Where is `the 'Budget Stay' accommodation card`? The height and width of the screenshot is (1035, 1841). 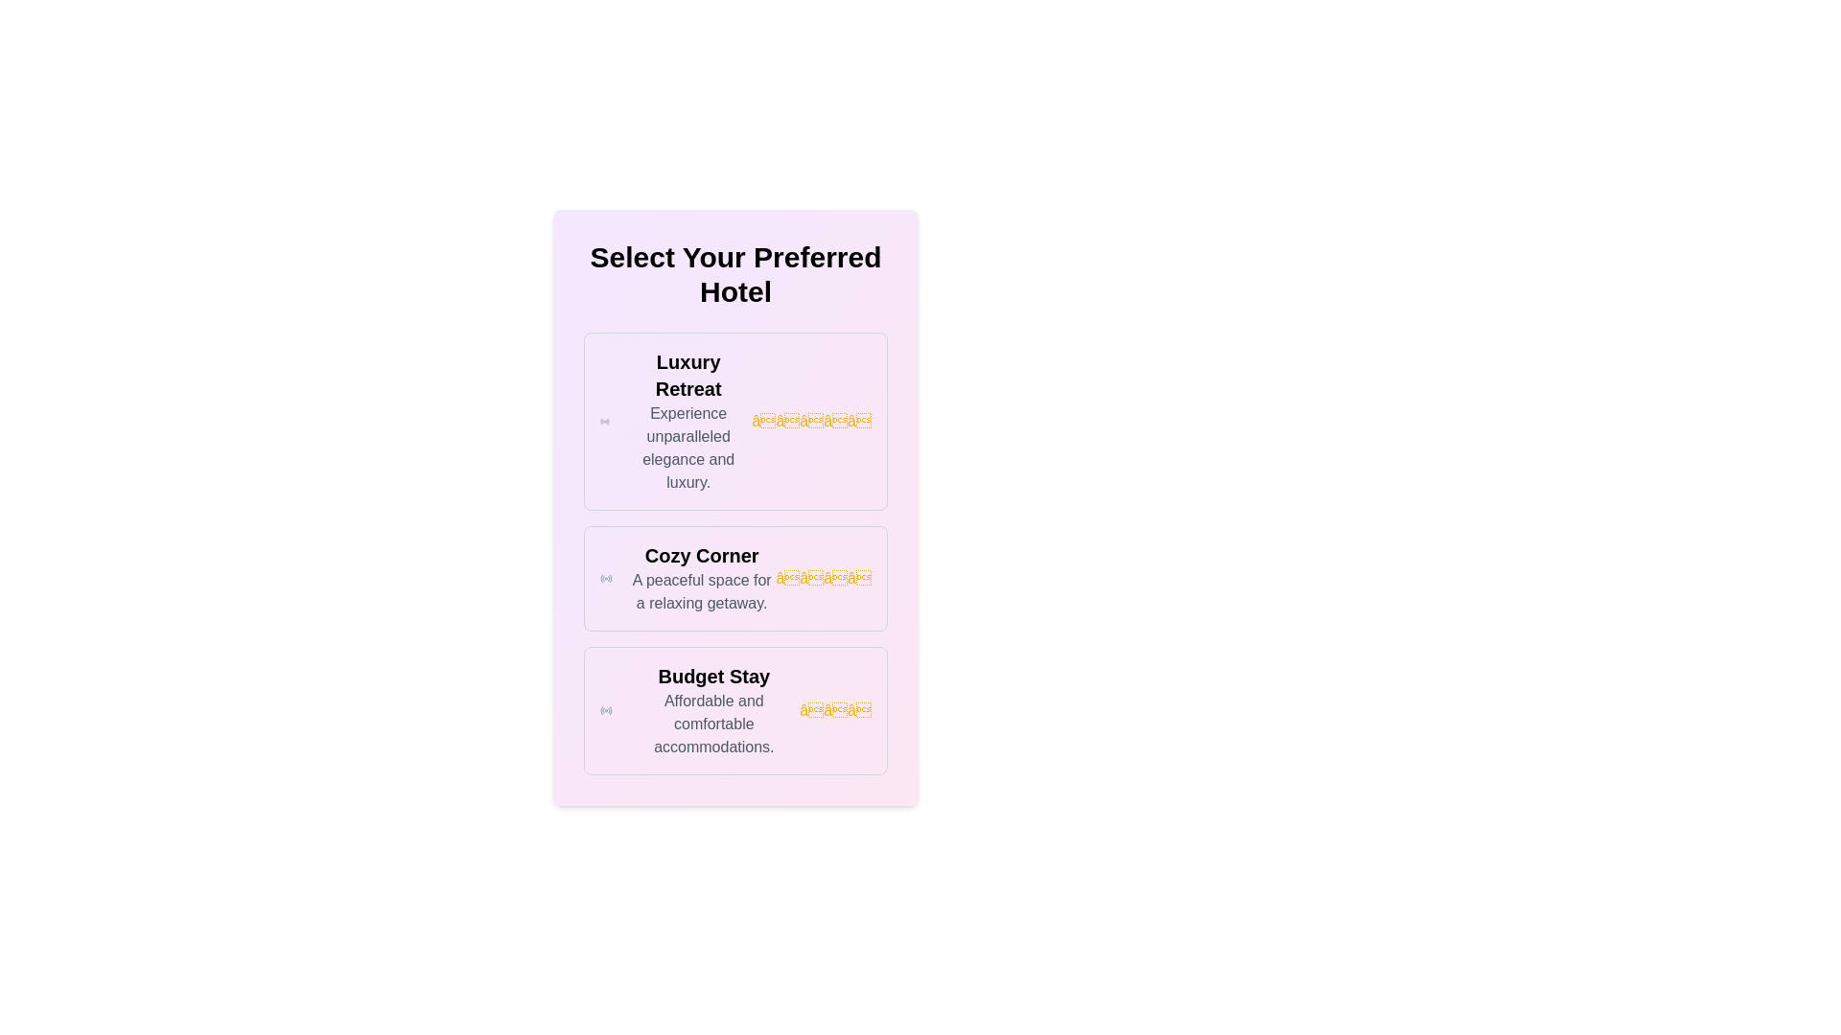 the 'Budget Stay' accommodation card is located at coordinates (734, 710).